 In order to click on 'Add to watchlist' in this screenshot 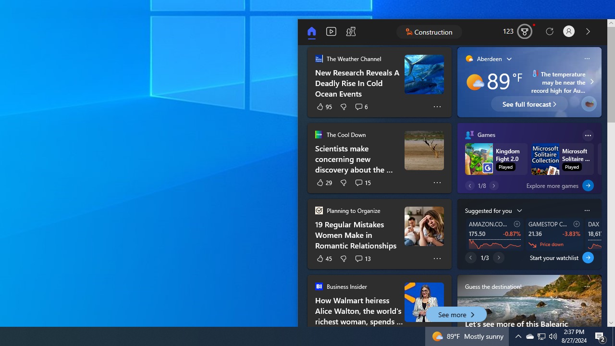, I will do `click(577, 223)`.